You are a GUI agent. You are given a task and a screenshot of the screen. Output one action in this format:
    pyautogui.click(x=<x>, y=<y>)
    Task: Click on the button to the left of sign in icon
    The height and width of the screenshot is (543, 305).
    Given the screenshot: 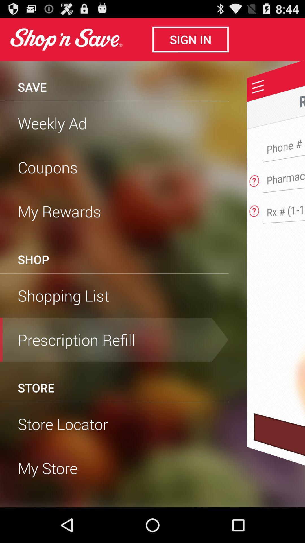 What is the action you would take?
    pyautogui.click(x=66, y=39)
    